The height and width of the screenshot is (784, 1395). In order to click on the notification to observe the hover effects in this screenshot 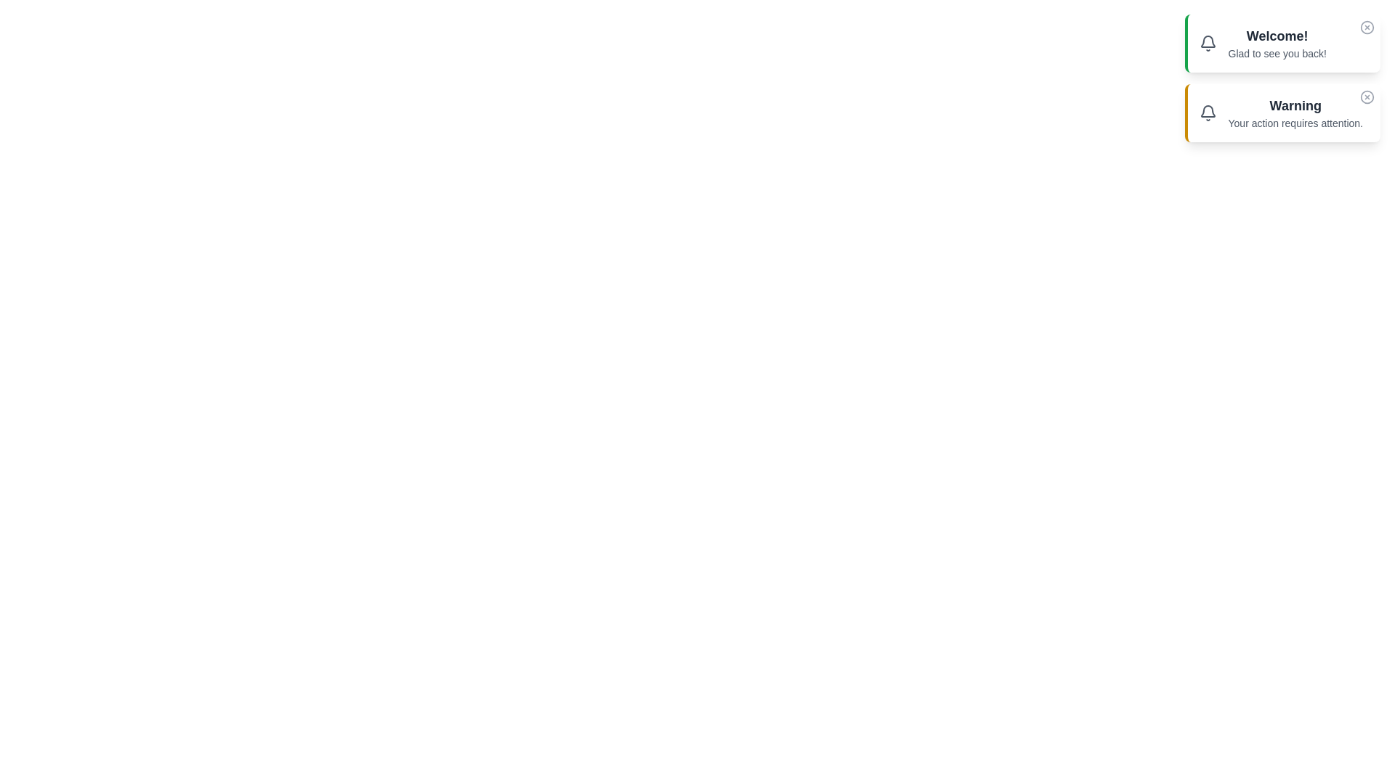, I will do `click(1282, 43)`.